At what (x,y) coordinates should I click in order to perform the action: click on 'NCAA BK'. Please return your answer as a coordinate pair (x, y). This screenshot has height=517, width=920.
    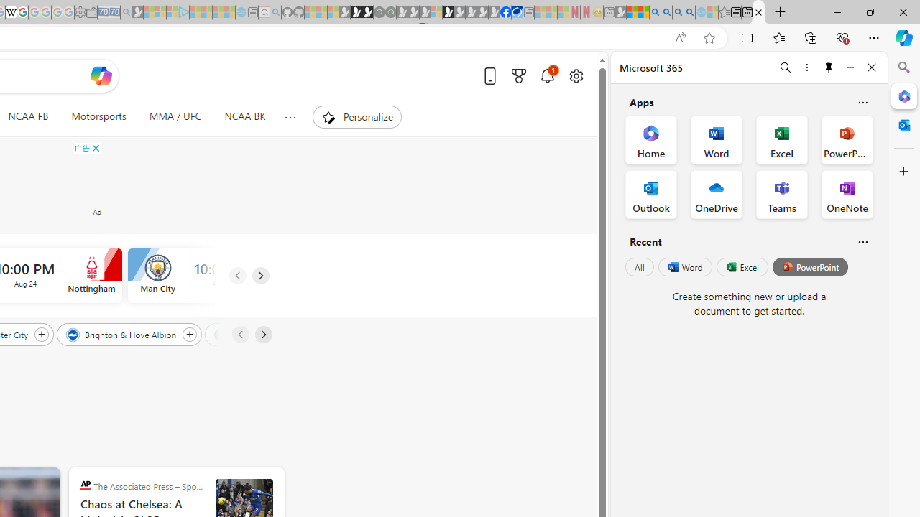
    Looking at the image, I should click on (245, 116).